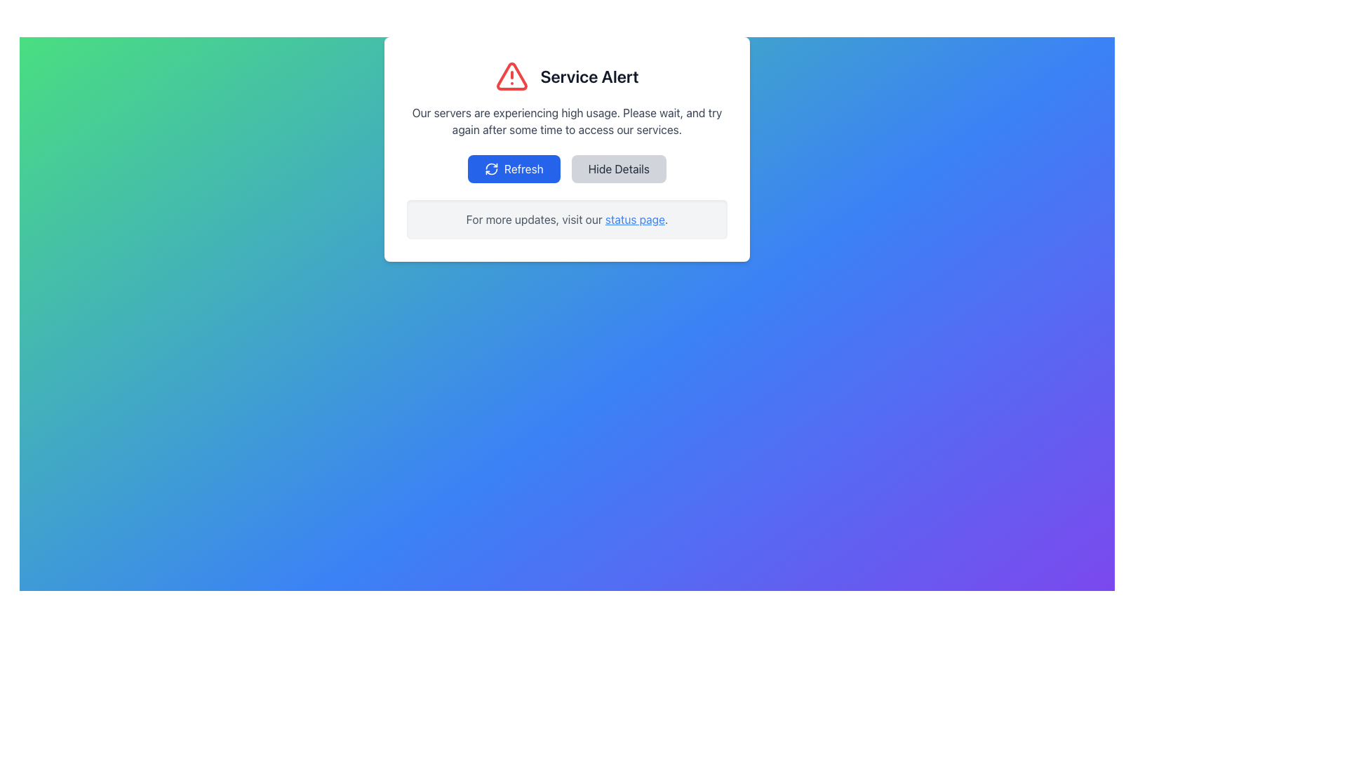 The height and width of the screenshot is (758, 1347). What do you see at coordinates (618, 168) in the screenshot?
I see `the 'Hide Details' button with black text on a grey background, located to the right of the 'Refresh' button` at bounding box center [618, 168].